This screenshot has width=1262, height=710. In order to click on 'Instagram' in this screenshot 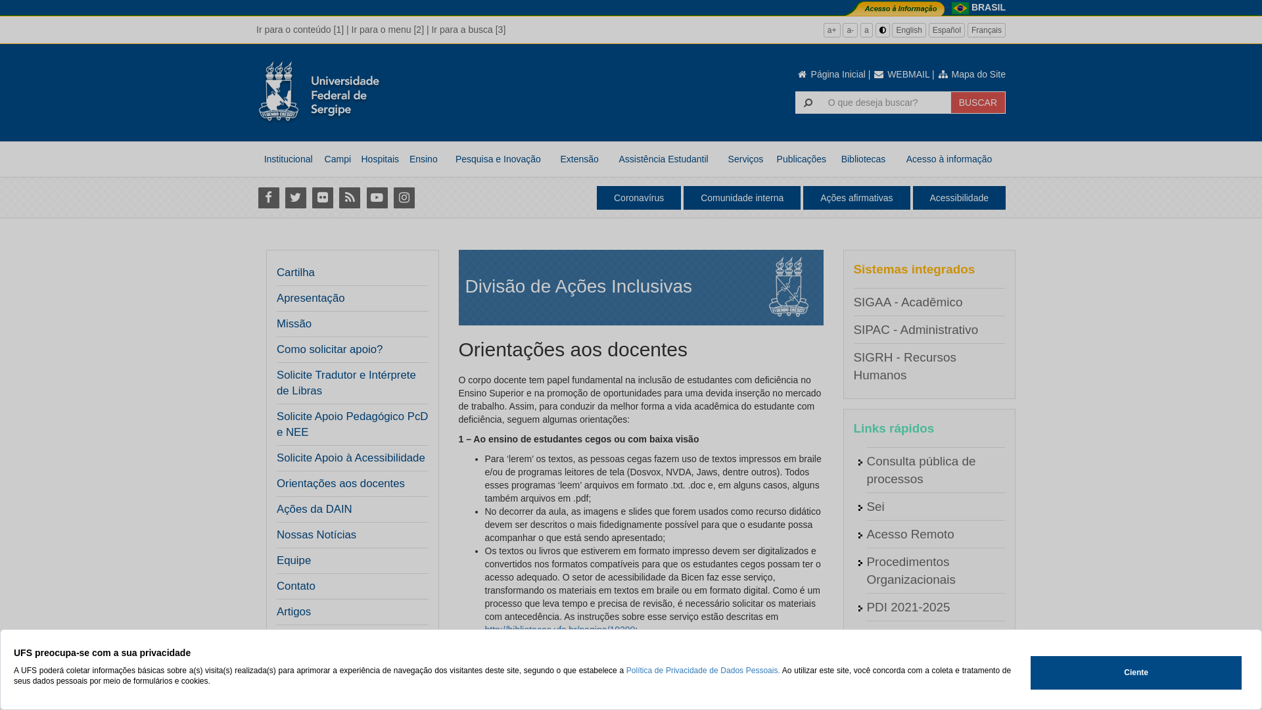, I will do `click(403, 197)`.